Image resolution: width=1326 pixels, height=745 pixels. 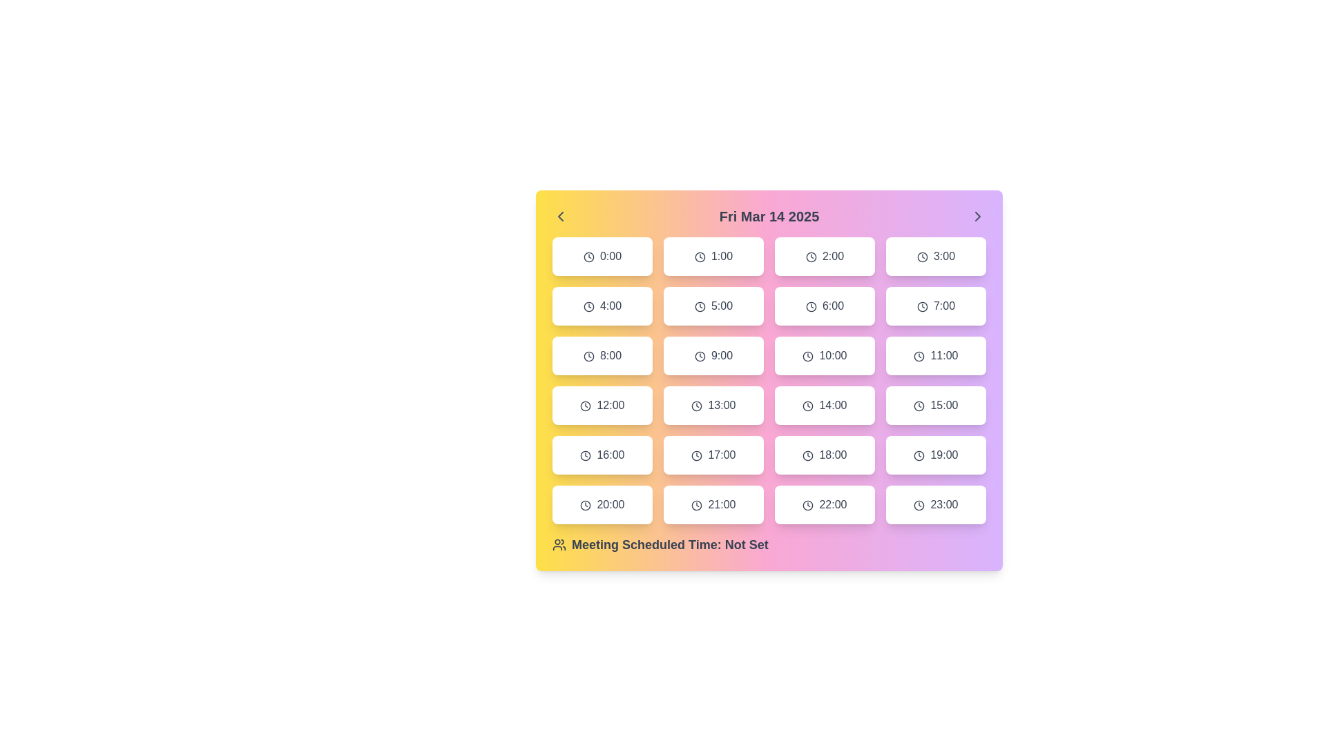 I want to click on the button that allows users to select the time 12:00, located in the first column of the fifth row in a scheduling interface grid, positioned below the '8:00' element and next to the '13:00' element, so click(x=602, y=404).